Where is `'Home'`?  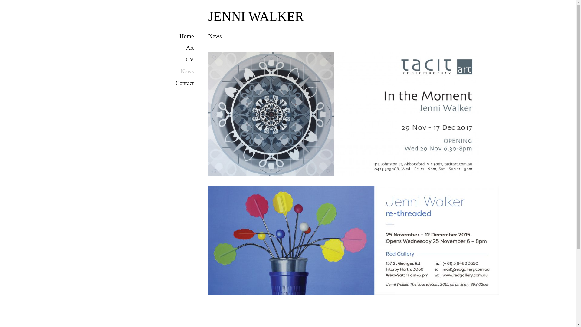 'Home' is located at coordinates (186, 36).